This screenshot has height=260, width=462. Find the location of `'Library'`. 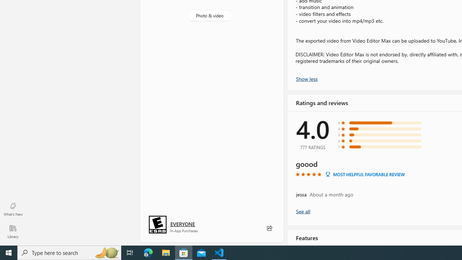

'Library' is located at coordinates (13, 231).